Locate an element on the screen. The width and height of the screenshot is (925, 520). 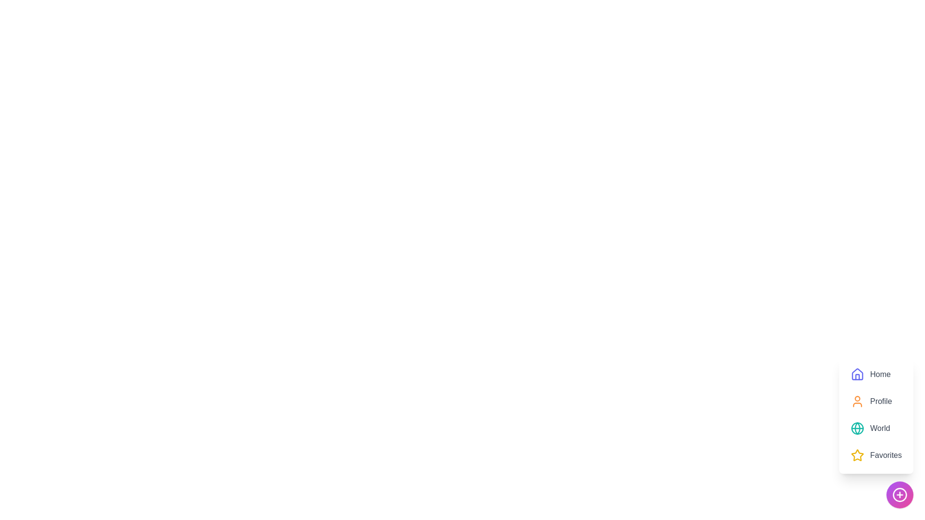
the 'World' menu item is located at coordinates (870, 428).